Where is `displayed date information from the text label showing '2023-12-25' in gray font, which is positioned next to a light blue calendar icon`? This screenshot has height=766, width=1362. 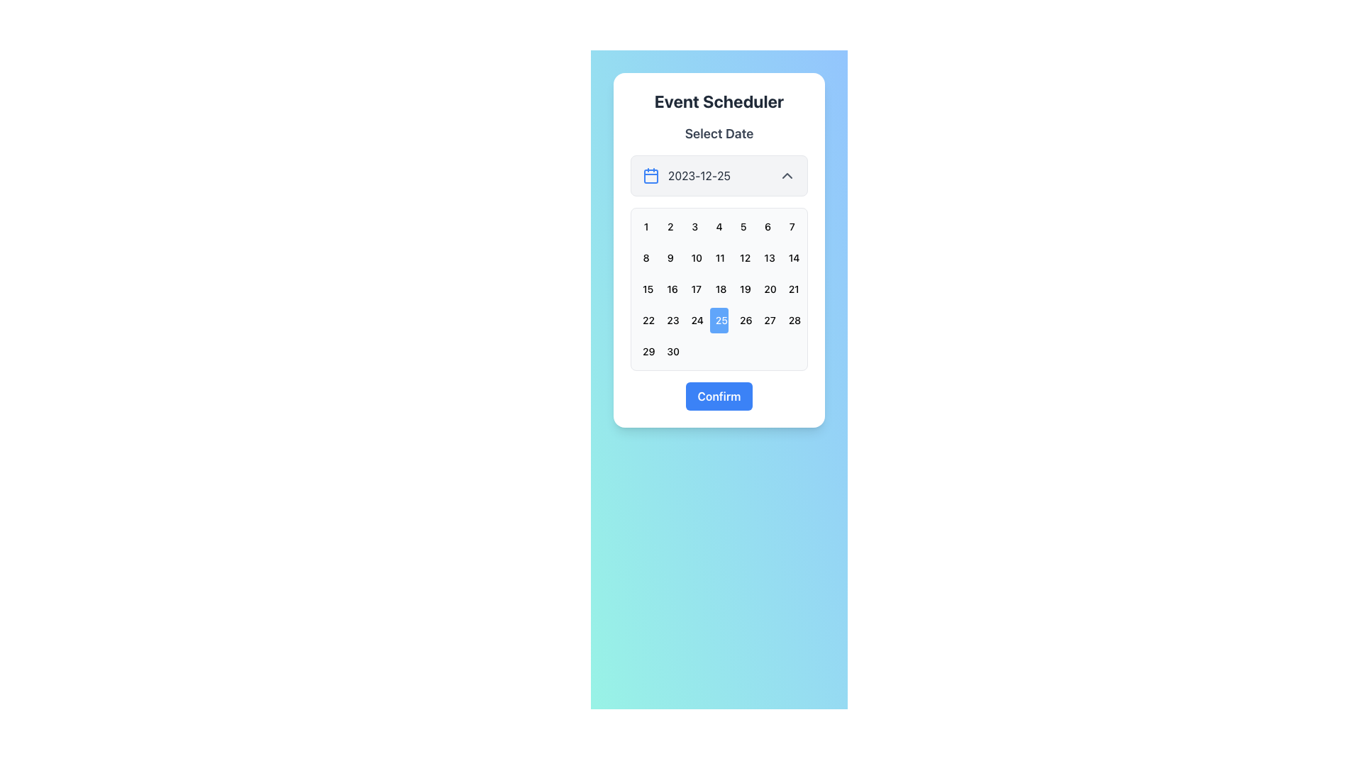 displayed date information from the text label showing '2023-12-25' in gray font, which is positioned next to a light blue calendar icon is located at coordinates (687, 174).